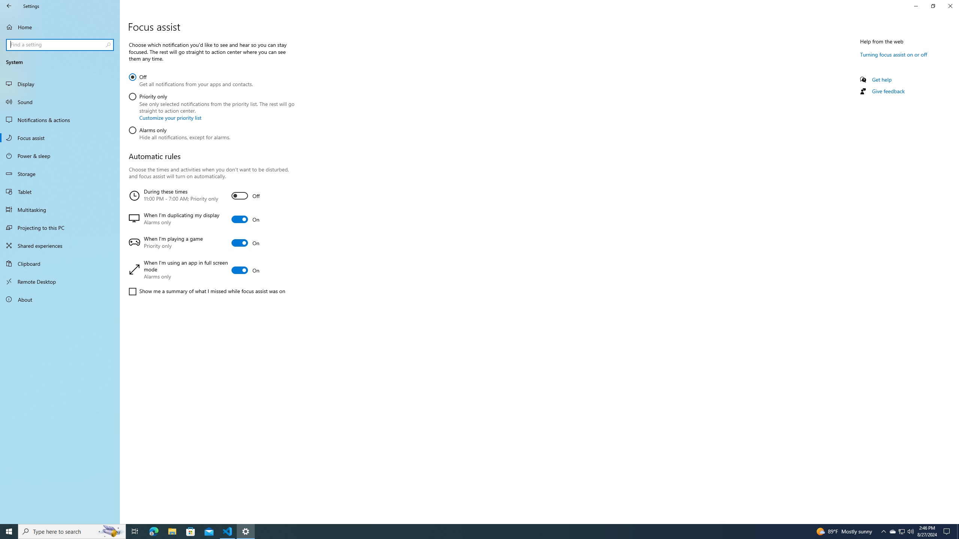  Describe the element at coordinates (60, 119) in the screenshot. I see `'Notifications & actions'` at that location.